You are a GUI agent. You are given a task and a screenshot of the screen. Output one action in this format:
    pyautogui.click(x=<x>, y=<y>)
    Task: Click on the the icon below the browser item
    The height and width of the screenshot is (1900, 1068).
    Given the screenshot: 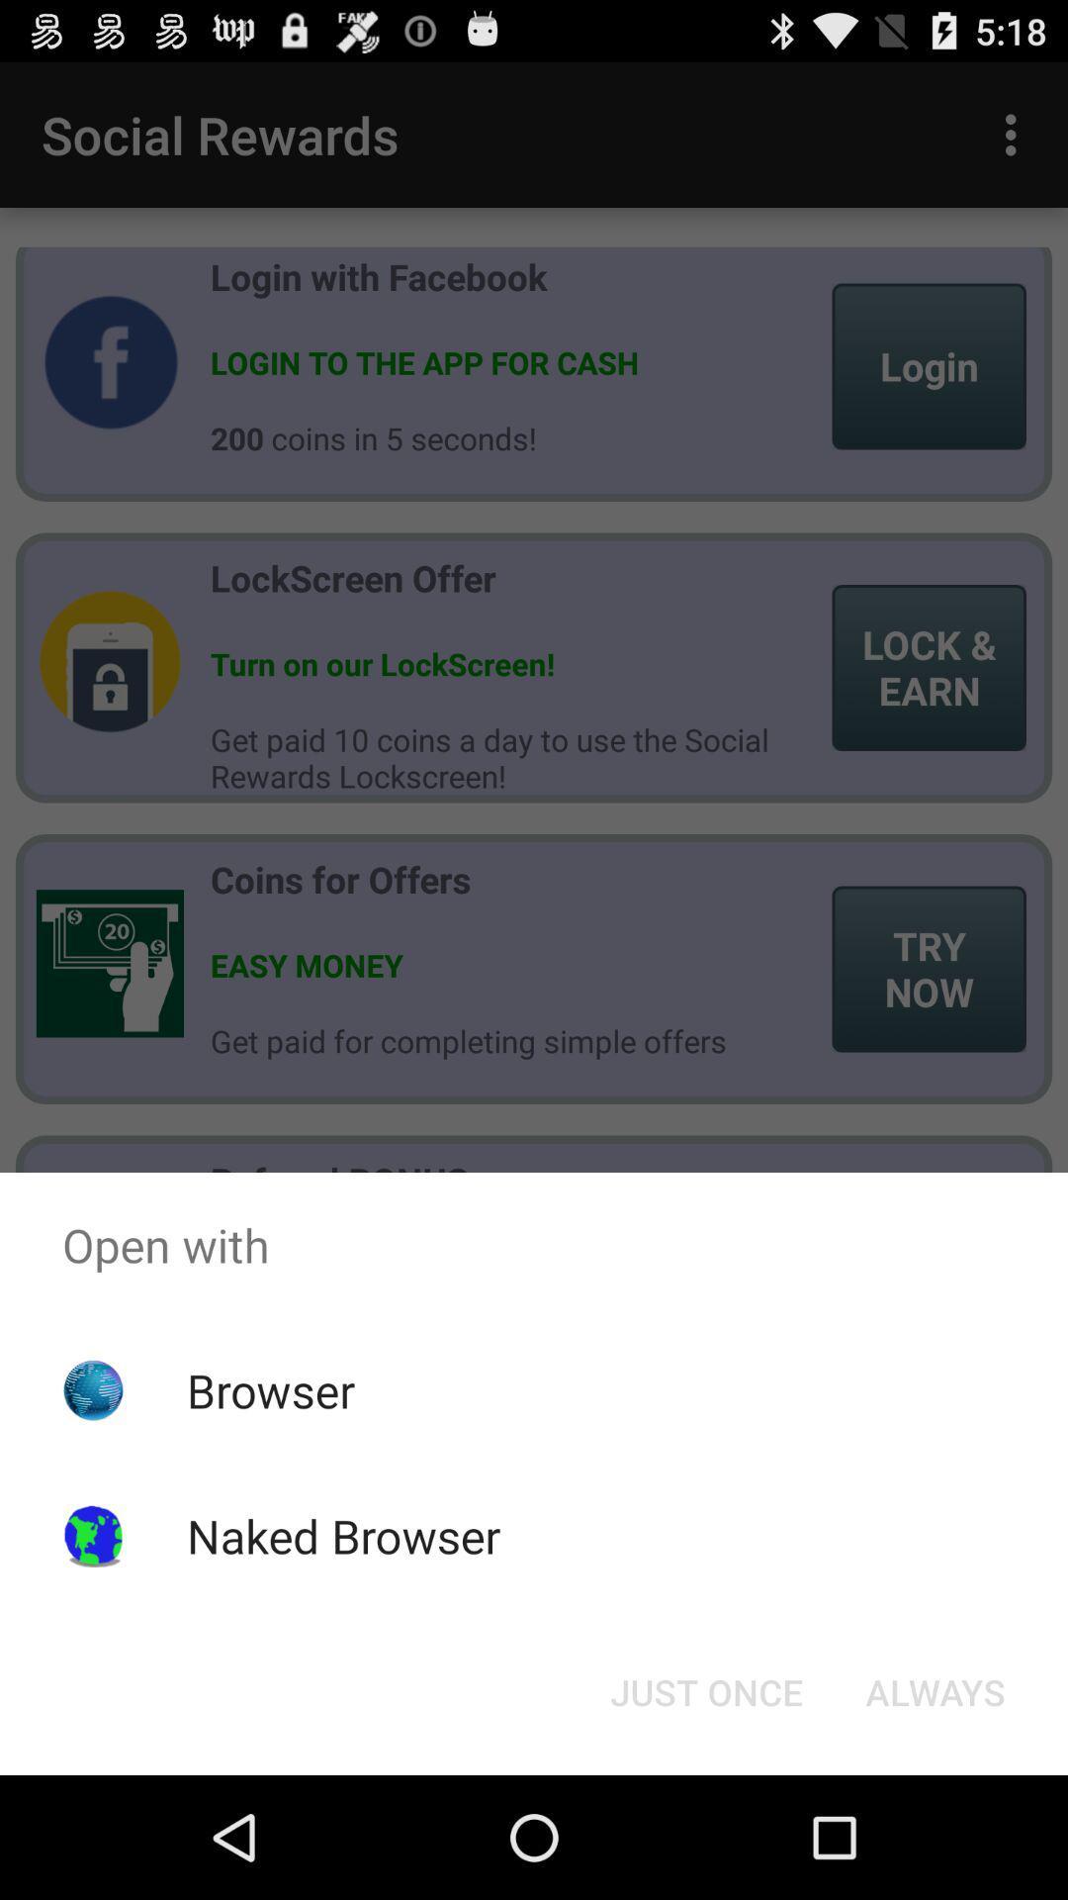 What is the action you would take?
    pyautogui.click(x=342, y=1535)
    